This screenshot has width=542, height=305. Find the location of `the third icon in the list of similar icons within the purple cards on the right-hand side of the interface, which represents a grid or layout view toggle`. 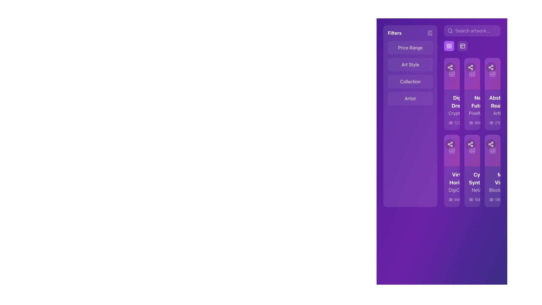

the third icon in the list of similar icons within the purple cards on the right-hand side of the interface, which represents a grid or layout view toggle is located at coordinates (492, 73).